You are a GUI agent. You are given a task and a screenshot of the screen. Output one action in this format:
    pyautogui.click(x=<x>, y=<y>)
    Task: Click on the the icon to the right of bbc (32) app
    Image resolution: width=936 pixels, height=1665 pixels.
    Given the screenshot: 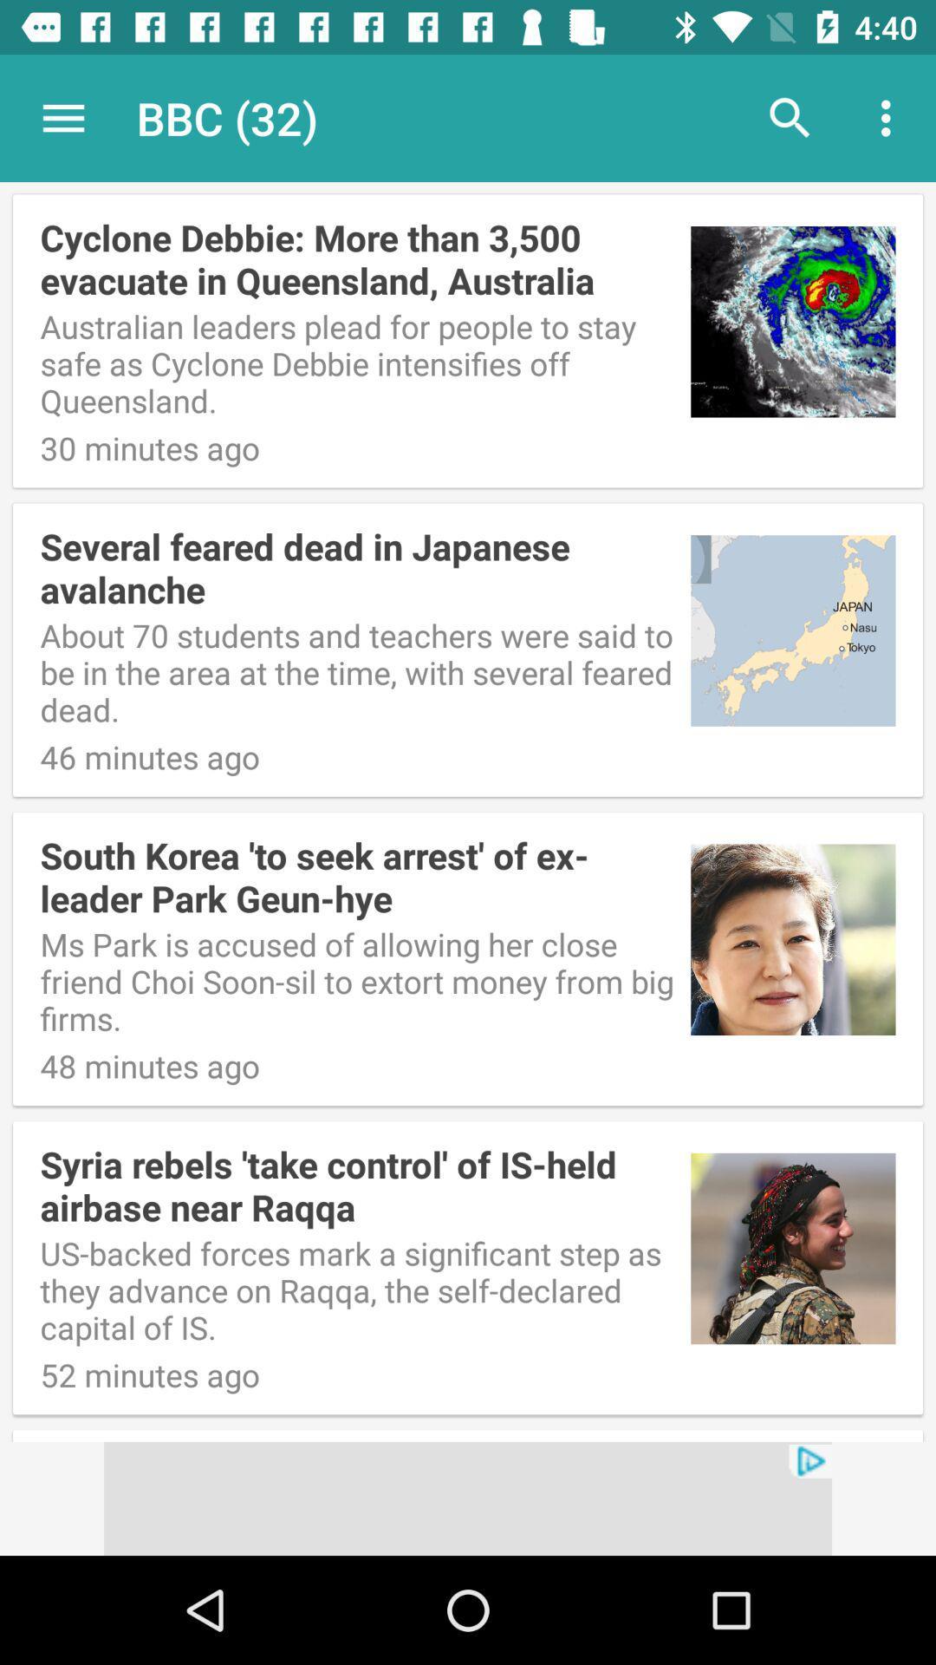 What is the action you would take?
    pyautogui.click(x=790, y=117)
    